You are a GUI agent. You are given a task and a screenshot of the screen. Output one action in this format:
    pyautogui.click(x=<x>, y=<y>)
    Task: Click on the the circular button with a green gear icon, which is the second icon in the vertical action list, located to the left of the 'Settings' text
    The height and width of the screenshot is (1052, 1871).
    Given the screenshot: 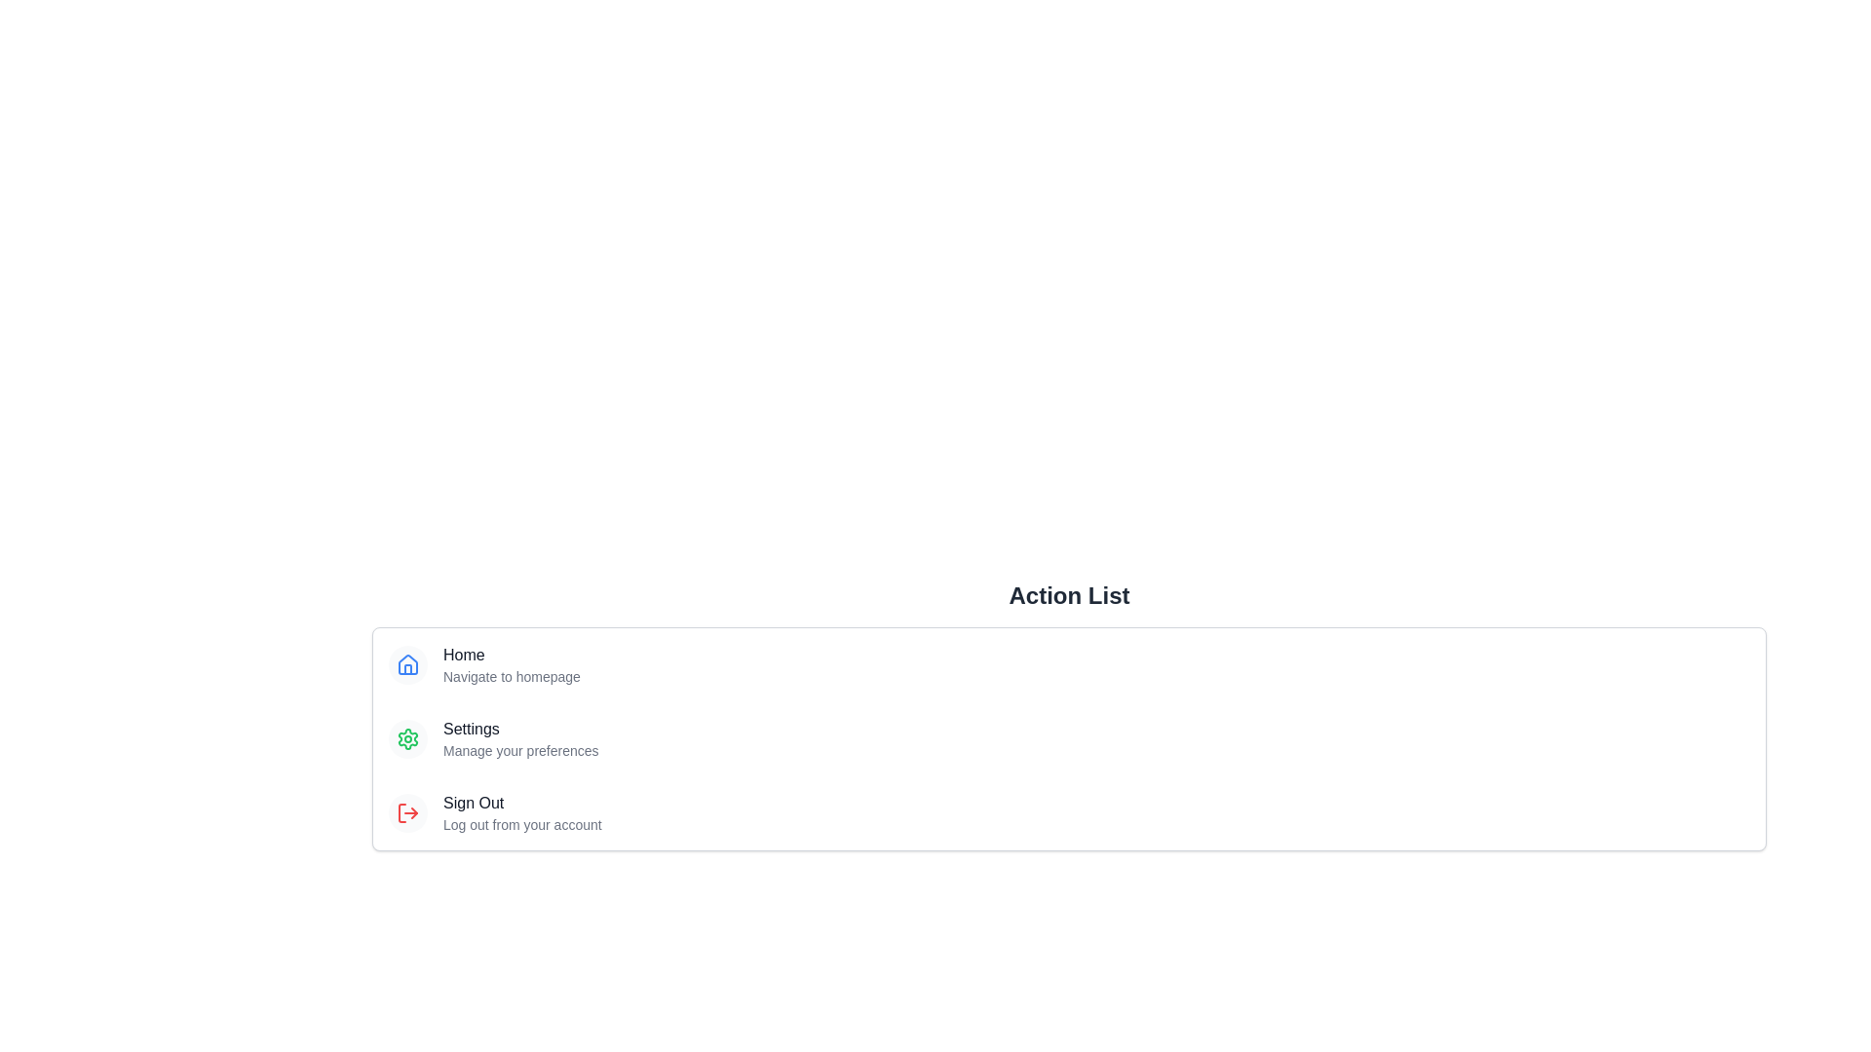 What is the action you would take?
    pyautogui.click(x=406, y=739)
    